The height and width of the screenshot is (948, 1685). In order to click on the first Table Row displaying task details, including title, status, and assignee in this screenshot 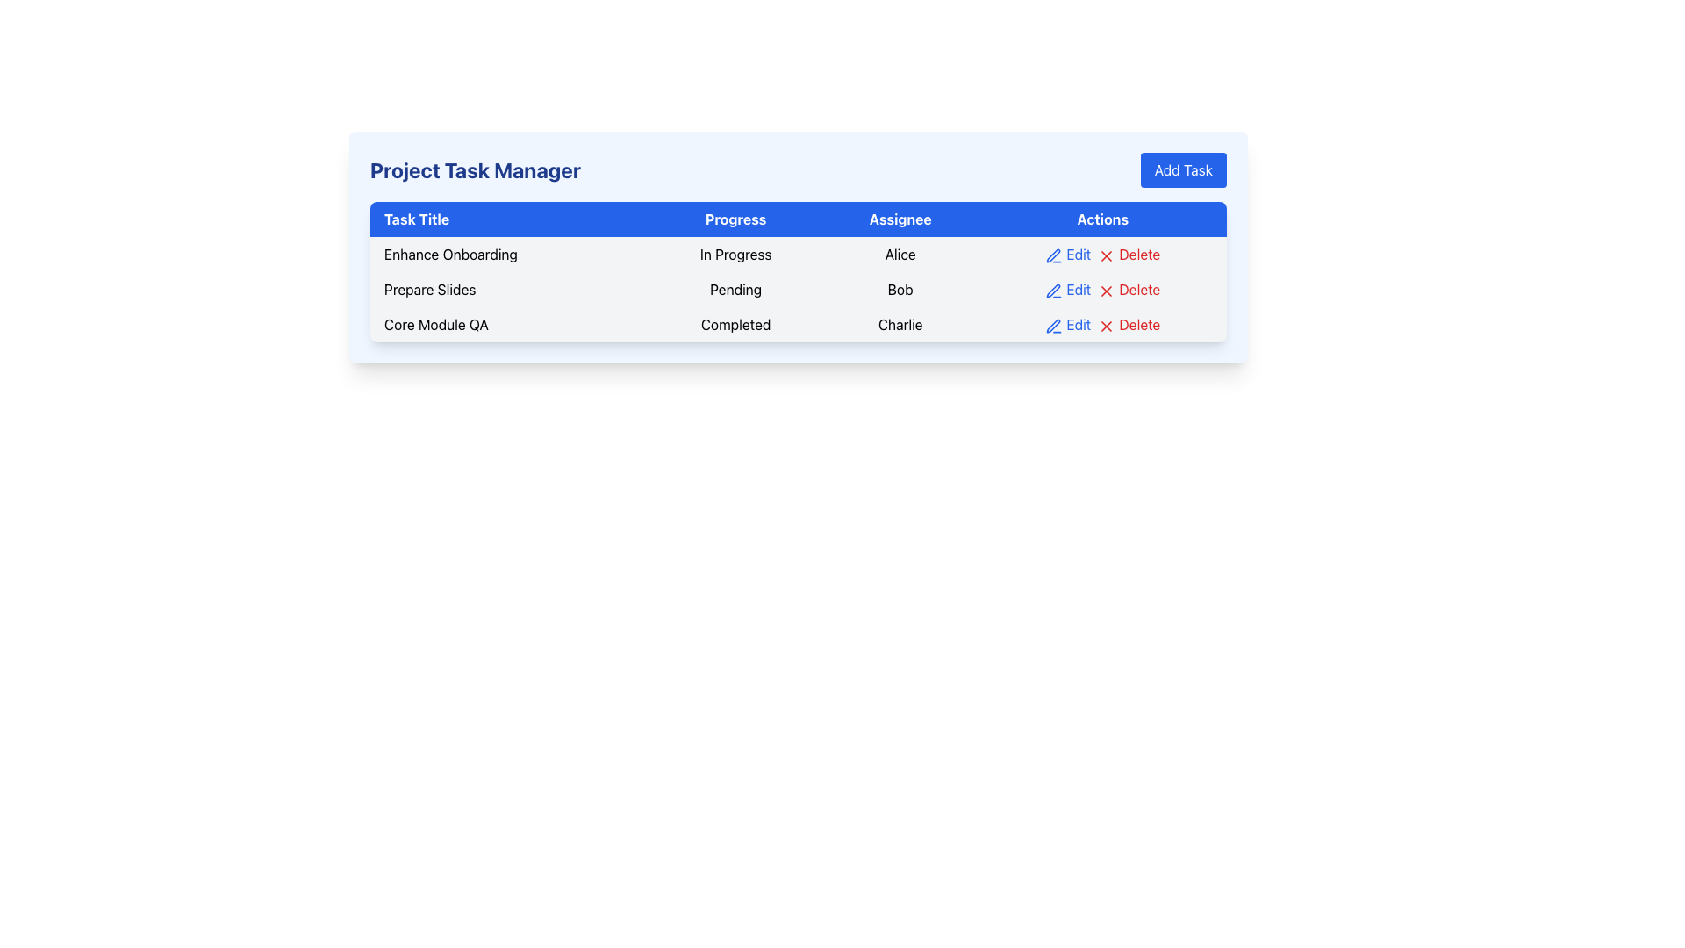, I will do `click(798, 254)`.